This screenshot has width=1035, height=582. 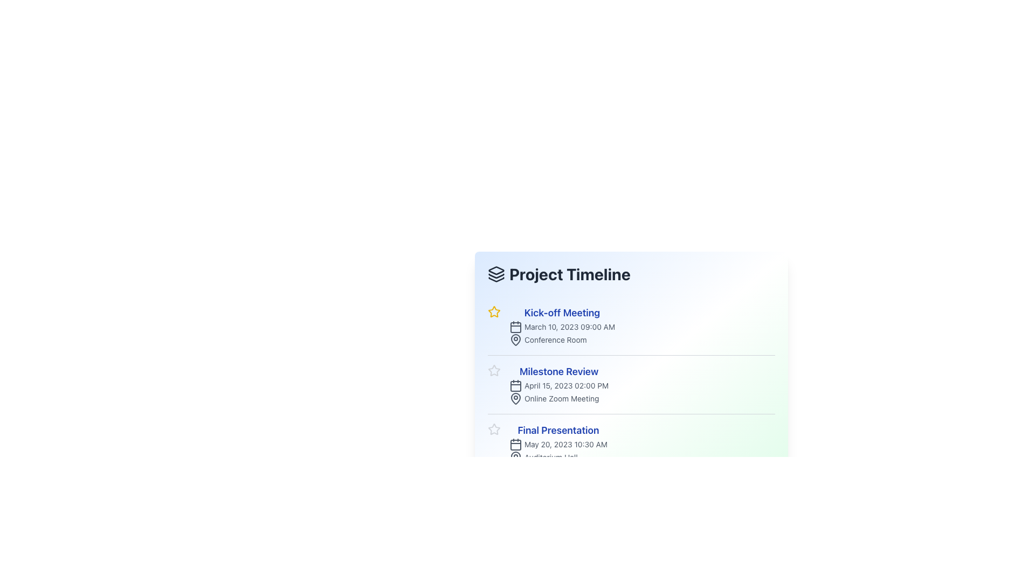 What do you see at coordinates (515, 326) in the screenshot?
I see `the calendar icon located to the left of the text 'March 10, 2023 09:00 AM' in the first row under the heading 'Kick-off Meeting'` at bounding box center [515, 326].